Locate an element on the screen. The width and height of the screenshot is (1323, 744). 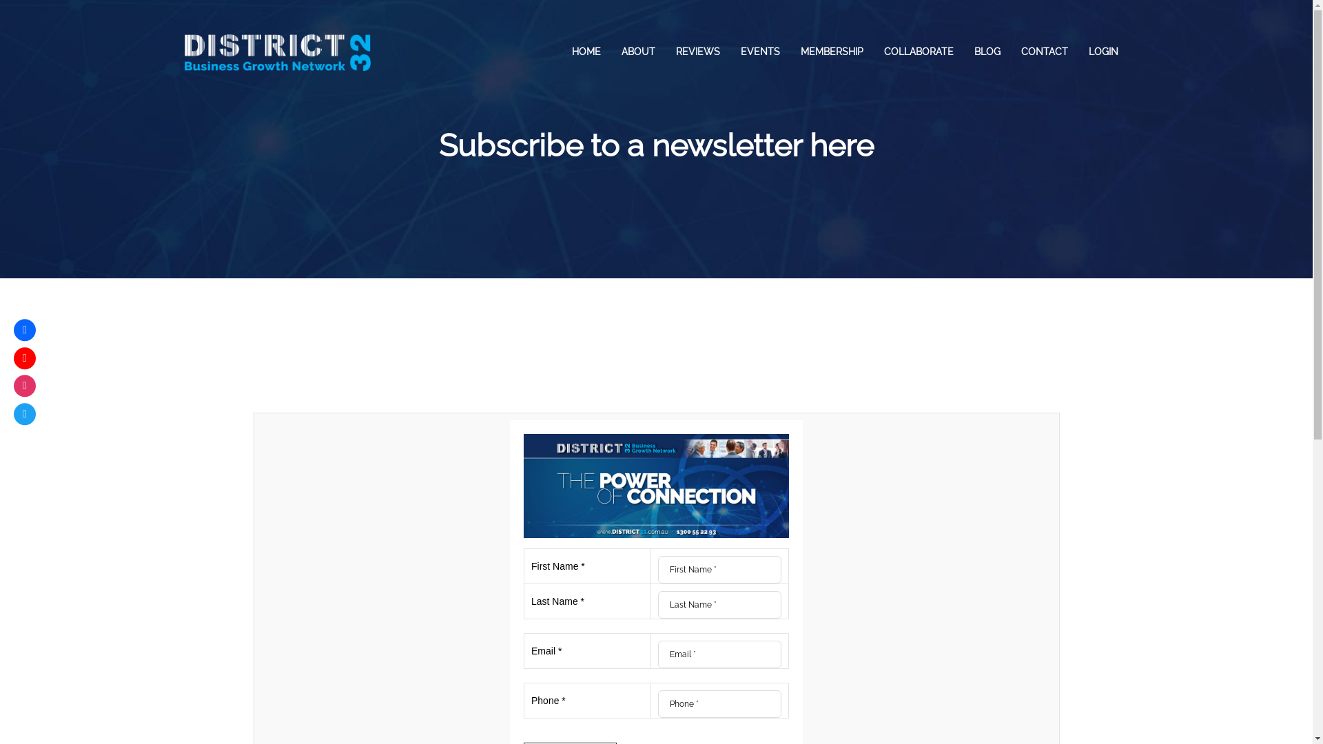
'REVIEWS' is located at coordinates (697, 50).